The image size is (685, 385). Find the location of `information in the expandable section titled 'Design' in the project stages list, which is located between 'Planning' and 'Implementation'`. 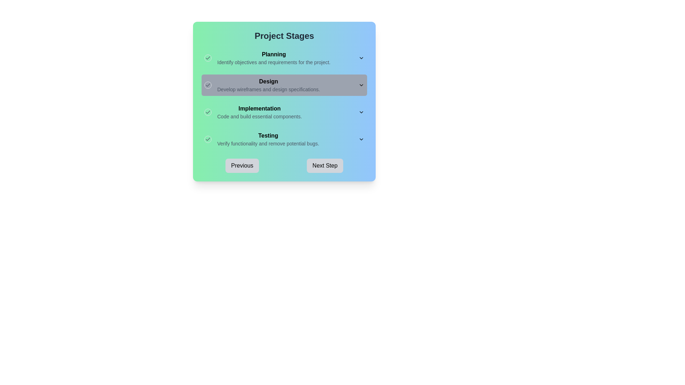

information in the expandable section titled 'Design' in the project stages list, which is located between 'Planning' and 'Implementation' is located at coordinates (284, 85).